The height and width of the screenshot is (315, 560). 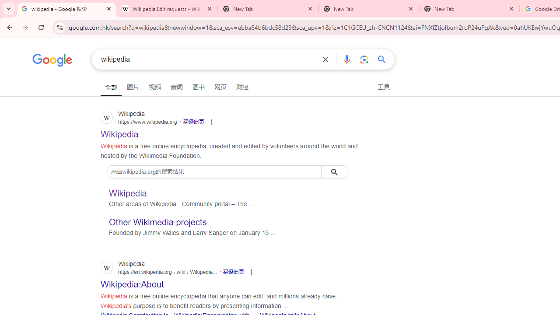 I want to click on 'Reload', so click(x=41, y=27).